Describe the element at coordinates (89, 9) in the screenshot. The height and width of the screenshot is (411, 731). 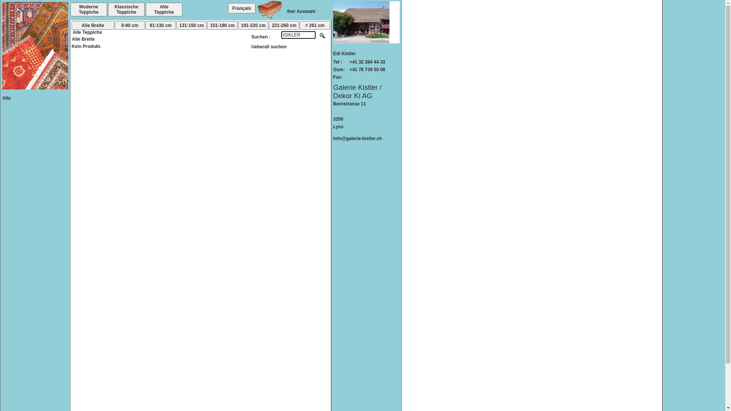
I see `'Moderne` at that location.